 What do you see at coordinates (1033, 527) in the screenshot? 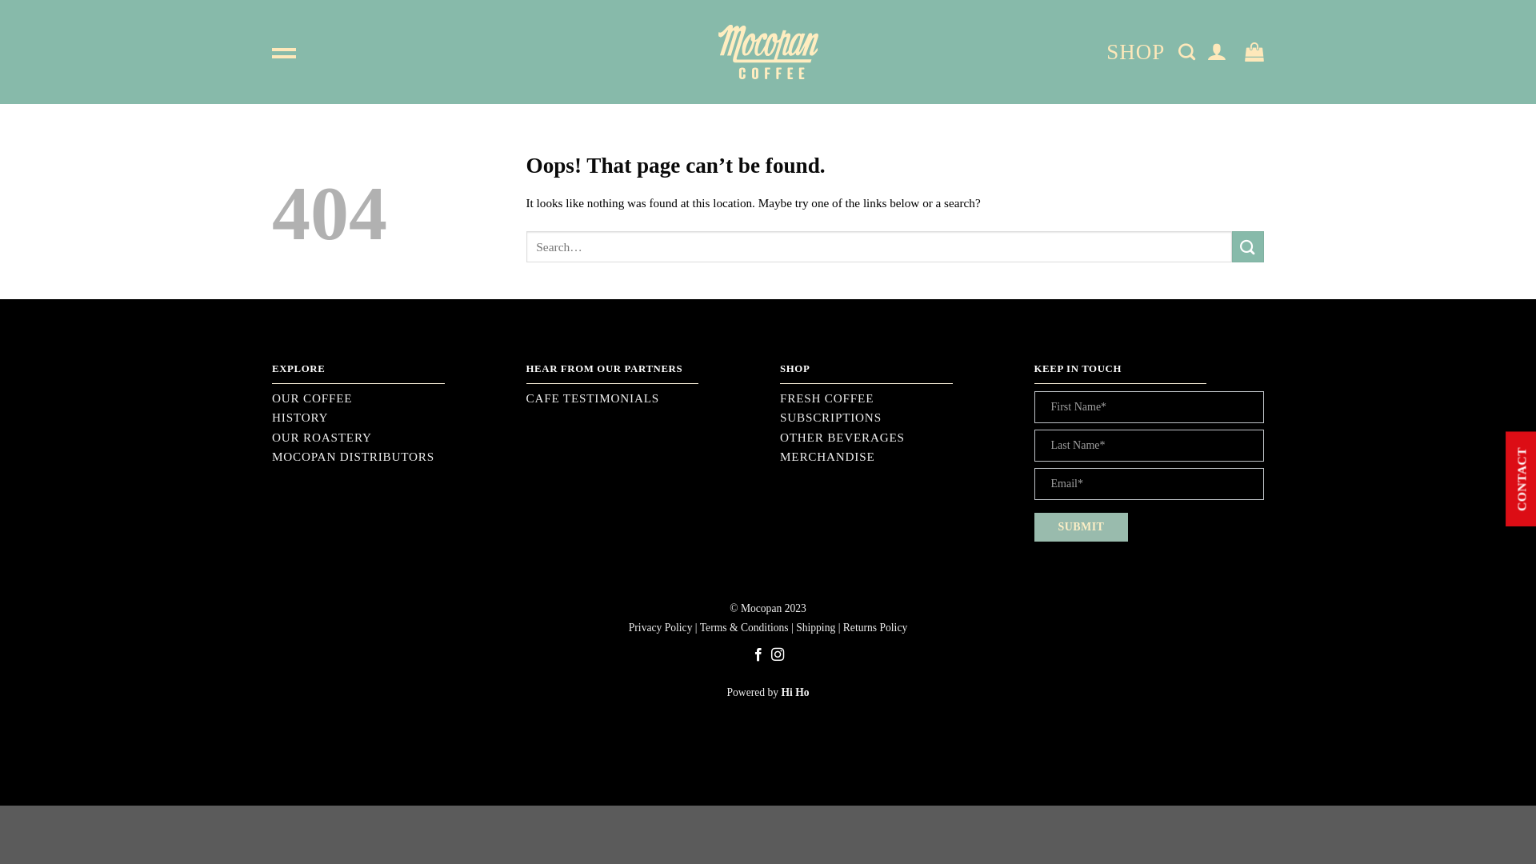
I see `'SUBMIT'` at bounding box center [1033, 527].